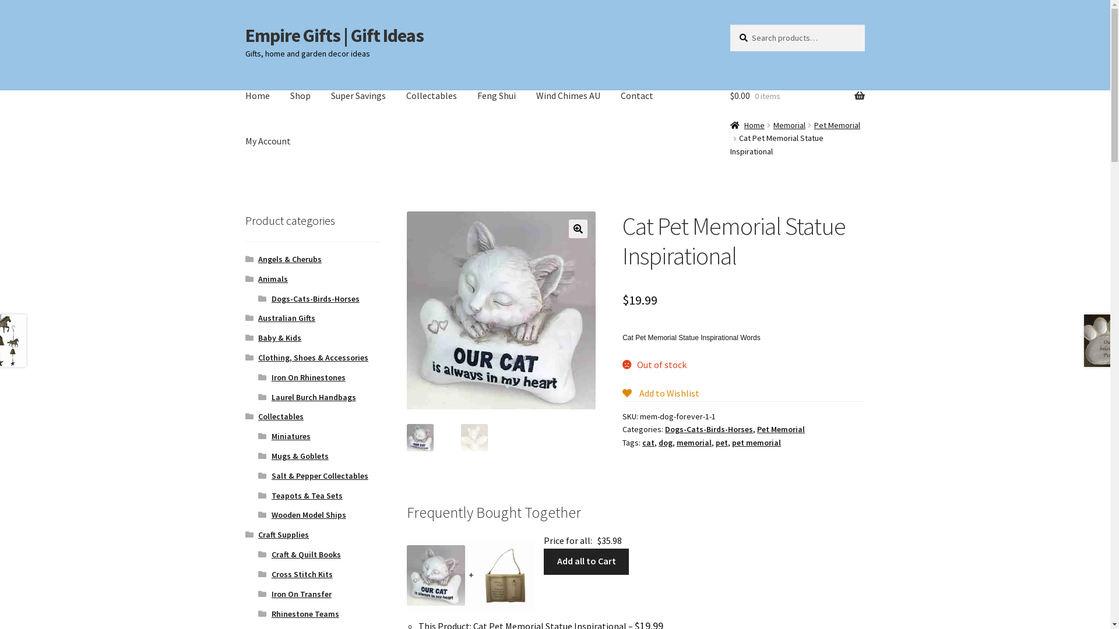 This screenshot has height=629, width=1119. I want to click on 'cat', so click(648, 442).